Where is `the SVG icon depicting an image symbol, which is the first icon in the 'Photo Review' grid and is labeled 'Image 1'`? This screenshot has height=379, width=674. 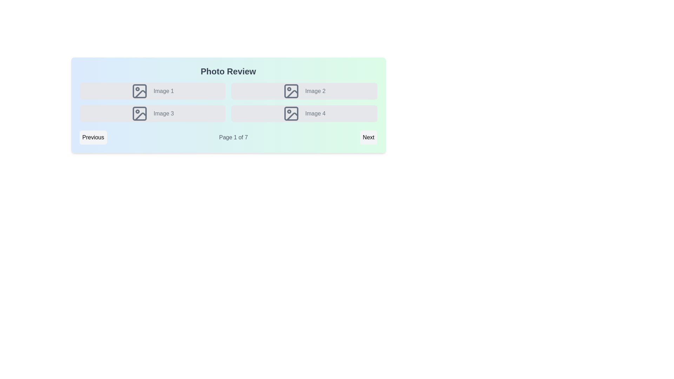 the SVG icon depicting an image symbol, which is the first icon in the 'Photo Review' grid and is labeled 'Image 1' is located at coordinates (139, 91).